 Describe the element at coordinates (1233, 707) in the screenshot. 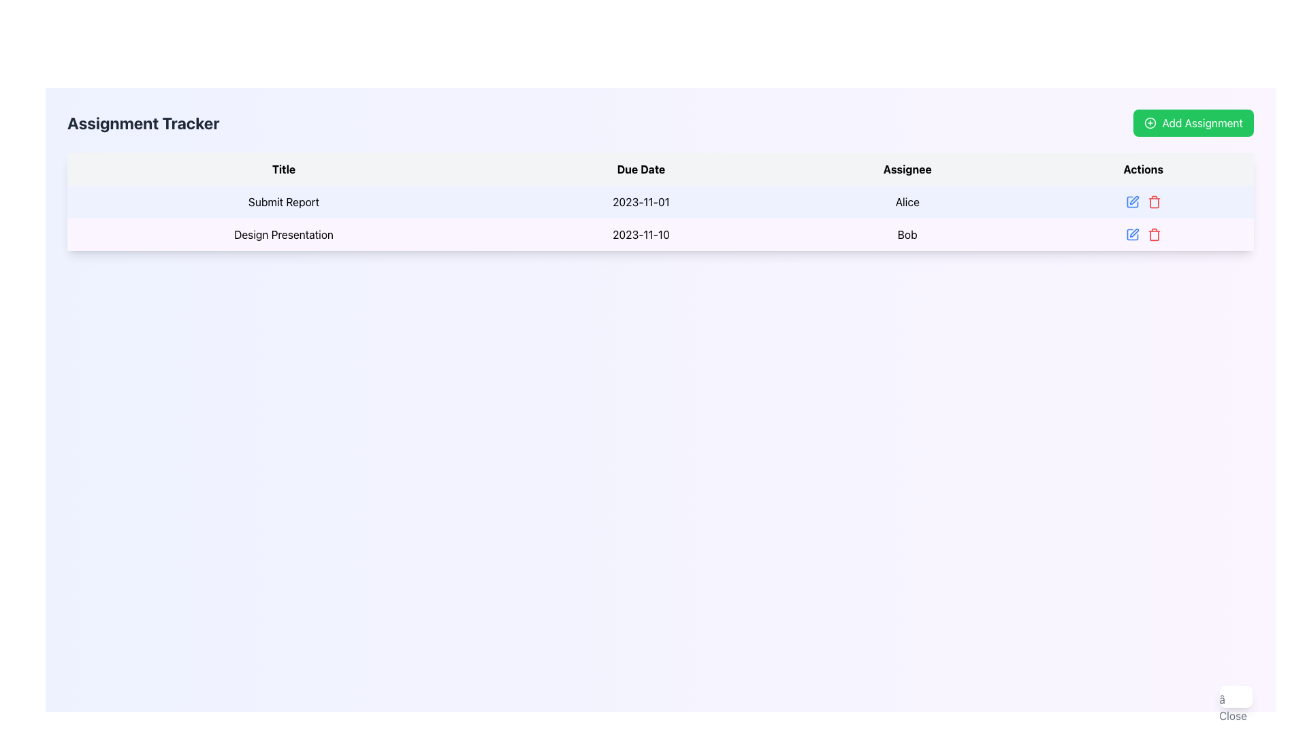

I see `the 'Close' button located at the bottom-right corner of the notification box` at that location.